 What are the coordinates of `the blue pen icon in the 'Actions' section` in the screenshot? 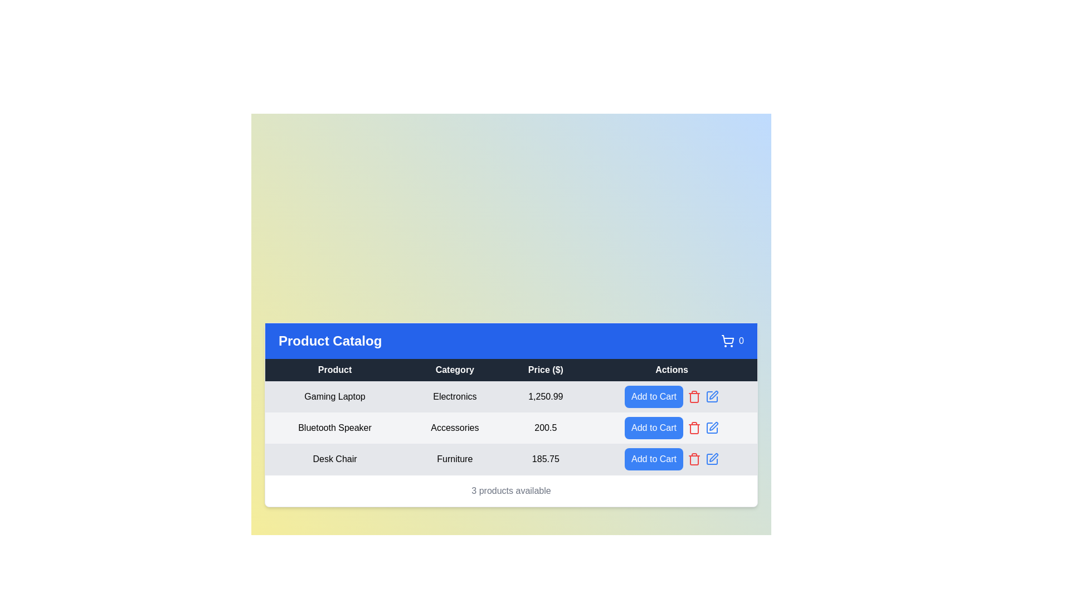 It's located at (711, 396).